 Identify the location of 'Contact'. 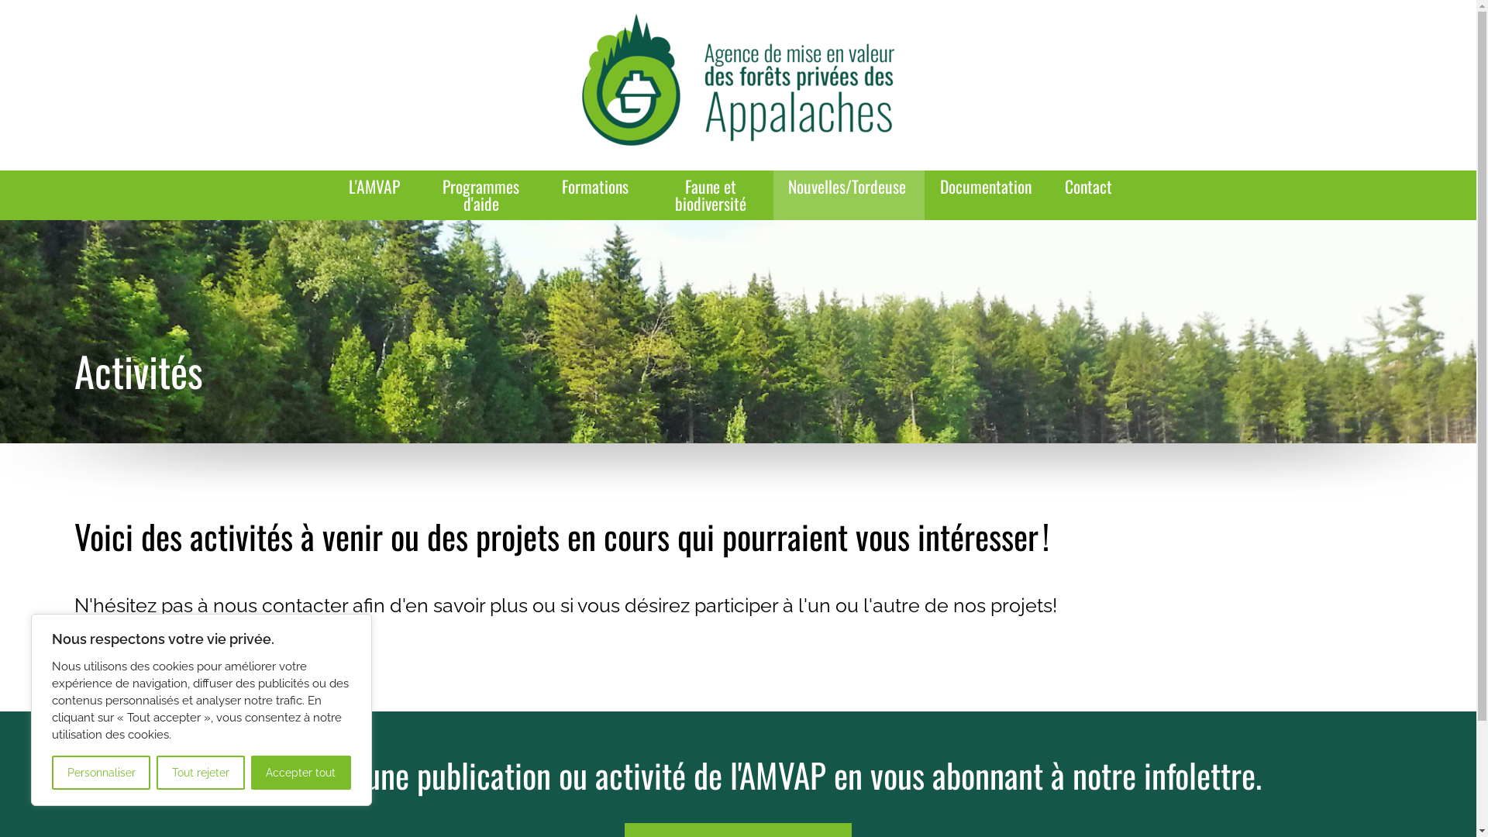
(1087, 185).